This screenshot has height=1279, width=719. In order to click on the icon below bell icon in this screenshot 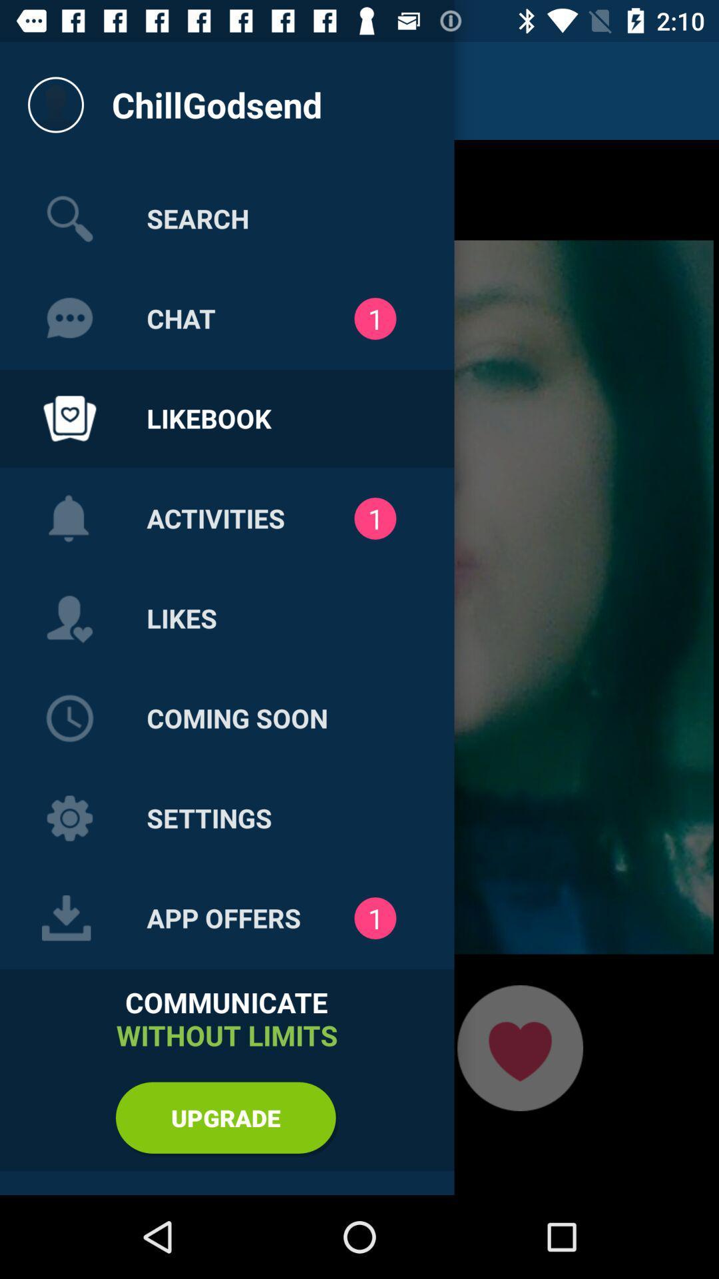, I will do `click(69, 618)`.